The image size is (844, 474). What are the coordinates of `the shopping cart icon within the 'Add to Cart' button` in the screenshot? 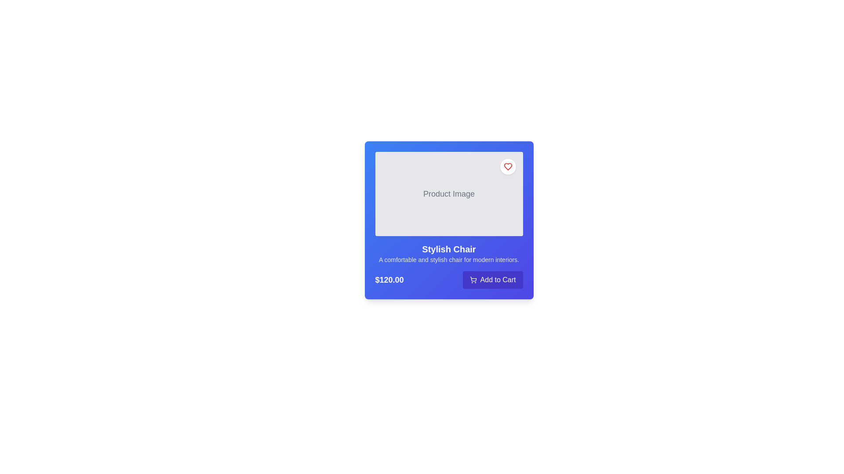 It's located at (473, 279).